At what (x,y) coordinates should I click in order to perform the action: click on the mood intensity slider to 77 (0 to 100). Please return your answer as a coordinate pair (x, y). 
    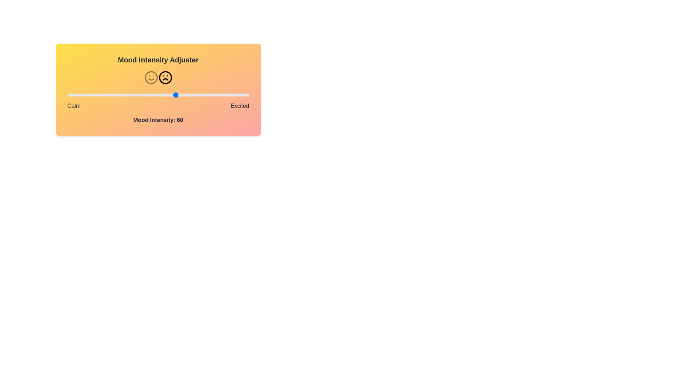
    Looking at the image, I should click on (207, 94).